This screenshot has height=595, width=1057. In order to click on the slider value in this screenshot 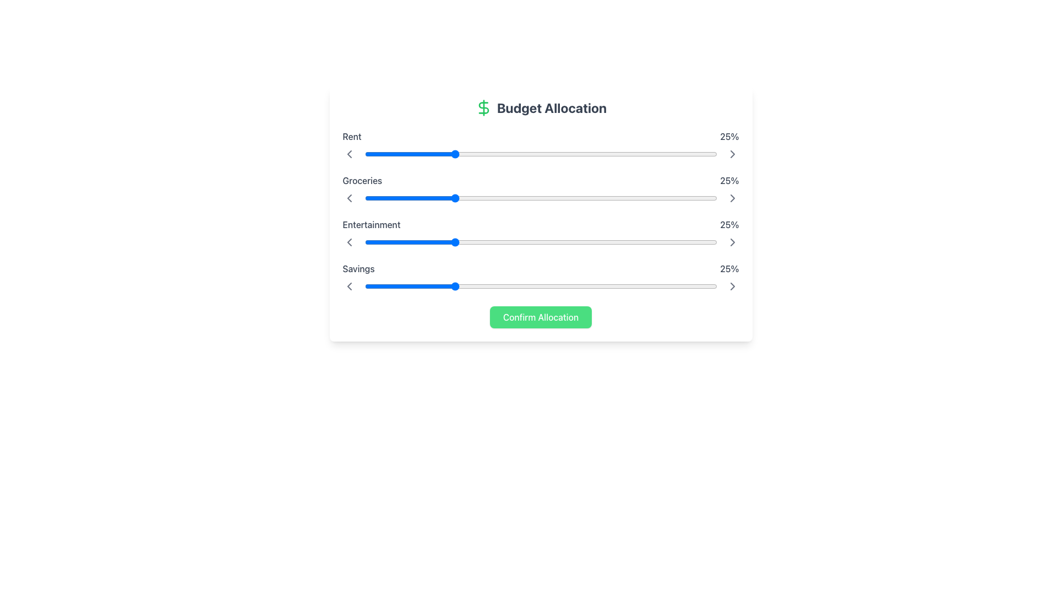, I will do `click(382, 197)`.